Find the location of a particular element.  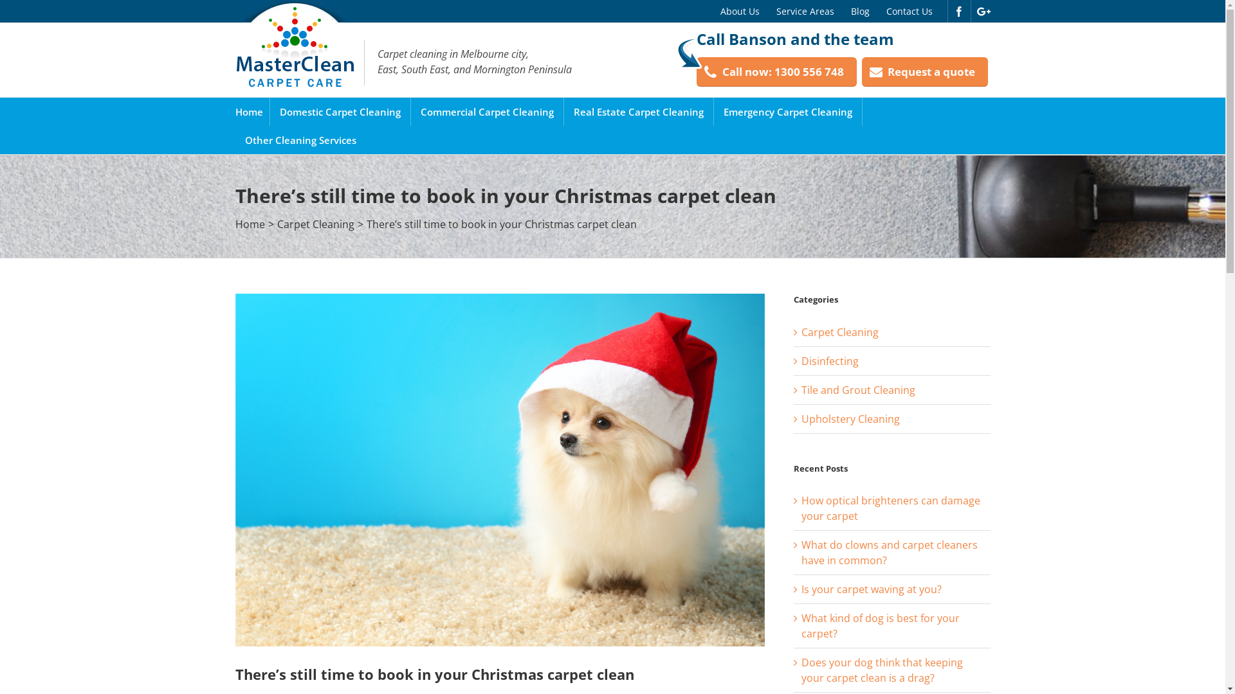

'Commercial Carpet Cleaning' is located at coordinates (486, 111).